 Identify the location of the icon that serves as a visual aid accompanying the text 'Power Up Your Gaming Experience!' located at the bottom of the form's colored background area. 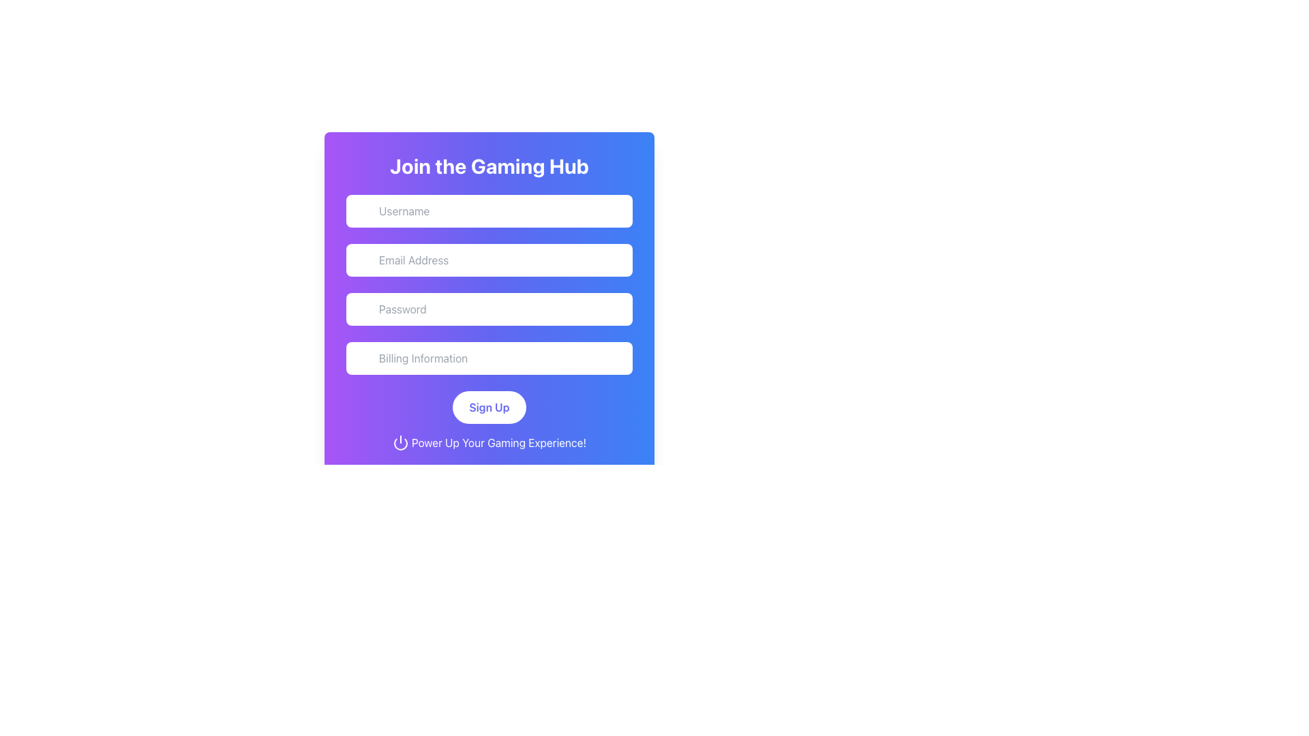
(400, 443).